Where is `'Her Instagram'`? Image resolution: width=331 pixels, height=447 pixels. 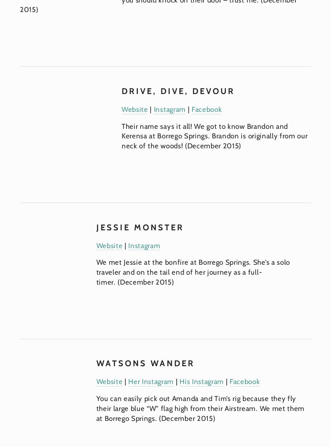 'Her Instagram' is located at coordinates (151, 382).